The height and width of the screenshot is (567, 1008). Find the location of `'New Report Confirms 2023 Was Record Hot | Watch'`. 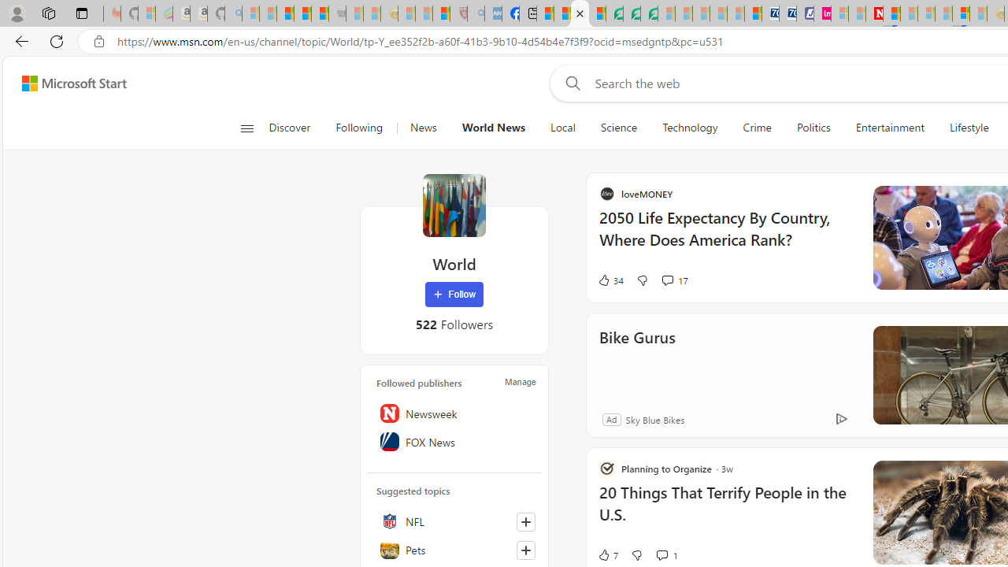

'New Report Confirms 2023 Was Record Hot | Watch' is located at coordinates (319, 13).